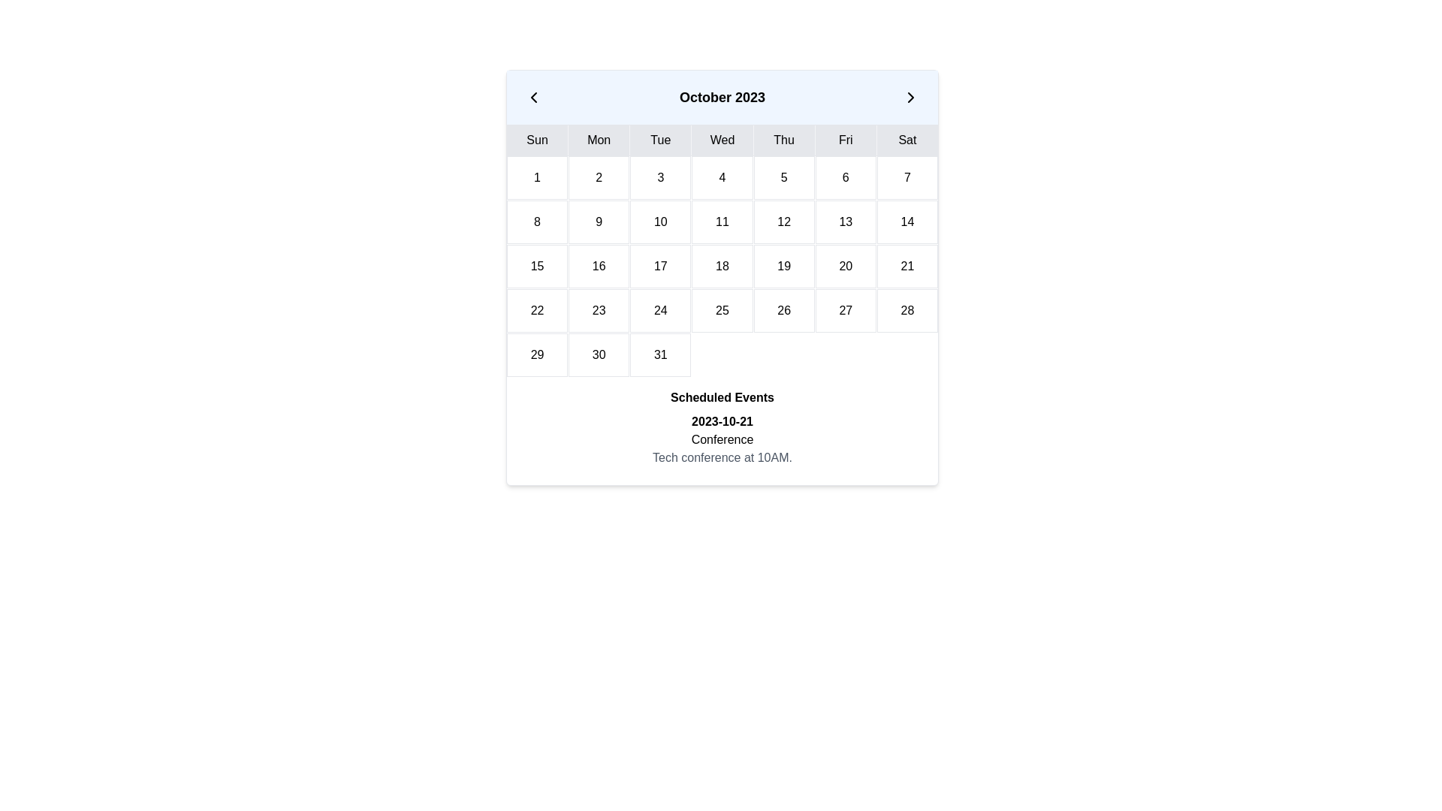 The width and height of the screenshot is (1442, 811). Describe the element at coordinates (537, 355) in the screenshot. I see `the white square tile button labeled '29'` at that location.